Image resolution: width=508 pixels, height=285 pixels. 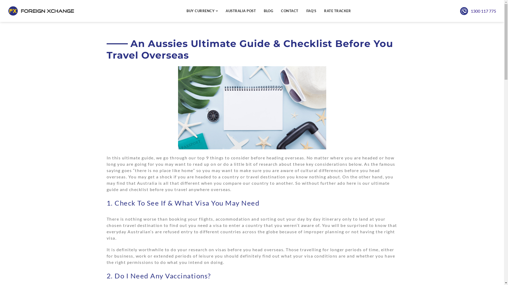 What do you see at coordinates (241, 11) in the screenshot?
I see `'AUSTRALIA POST'` at bounding box center [241, 11].